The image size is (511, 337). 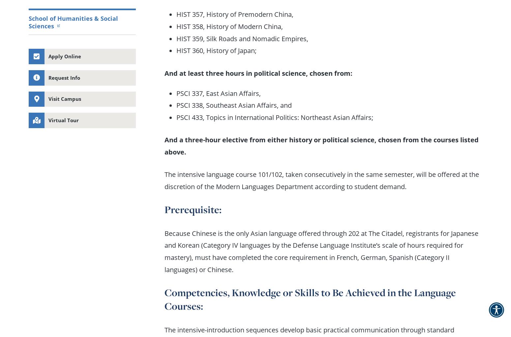 What do you see at coordinates (164, 251) in the screenshot?
I see `'Because Chinese is the only Asian language offered through 202 at The Citadel, registrants for Japanese and Korean (Category IV languages by the Defense Language Institute’s scale of hours required for mastery), must have completed the core requirement in French, German, Spanish (Category II languages) or Chinese.'` at bounding box center [164, 251].